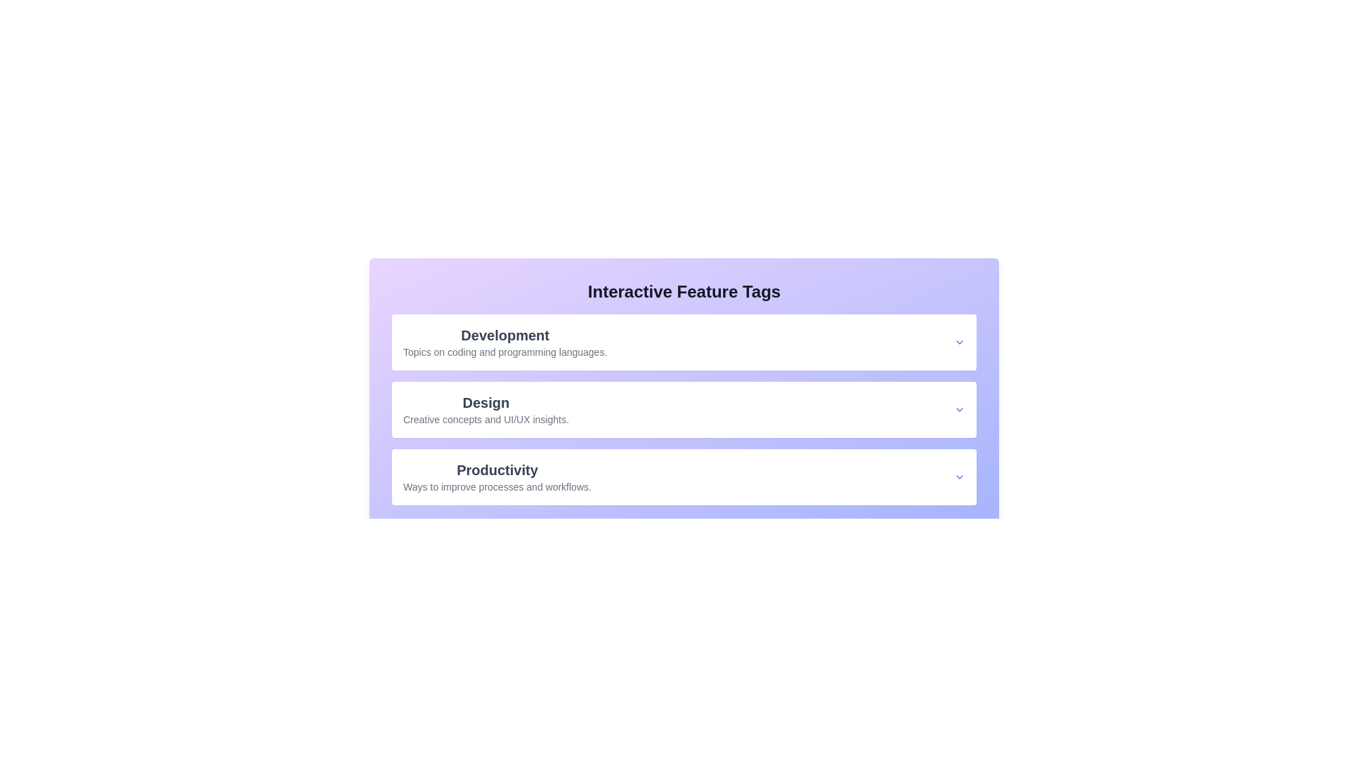 This screenshot has height=758, width=1349. I want to click on the bold, large font text caption that says 'Design', which is located centrally above the 'Productivity' section and below the 'Development' section, so click(485, 403).